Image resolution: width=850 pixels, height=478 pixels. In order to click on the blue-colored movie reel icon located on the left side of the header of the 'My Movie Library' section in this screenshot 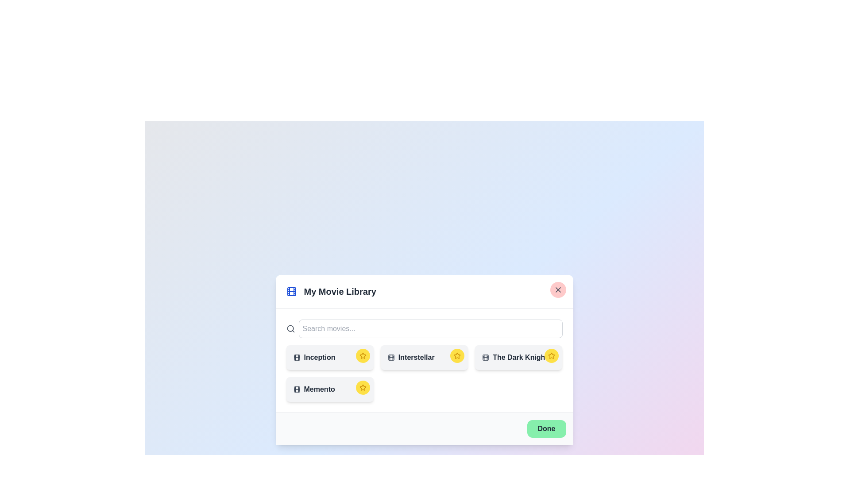, I will do `click(291, 292)`.